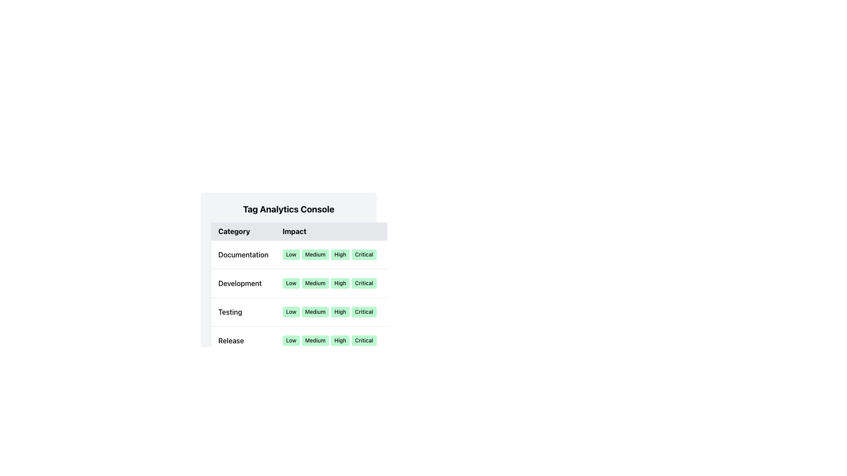 The height and width of the screenshot is (476, 847). What do you see at coordinates (243, 255) in the screenshot?
I see `the 'Documentation' text label, which is the first entry in the 'Category' column of the 'Tag Analytics Console' section` at bounding box center [243, 255].